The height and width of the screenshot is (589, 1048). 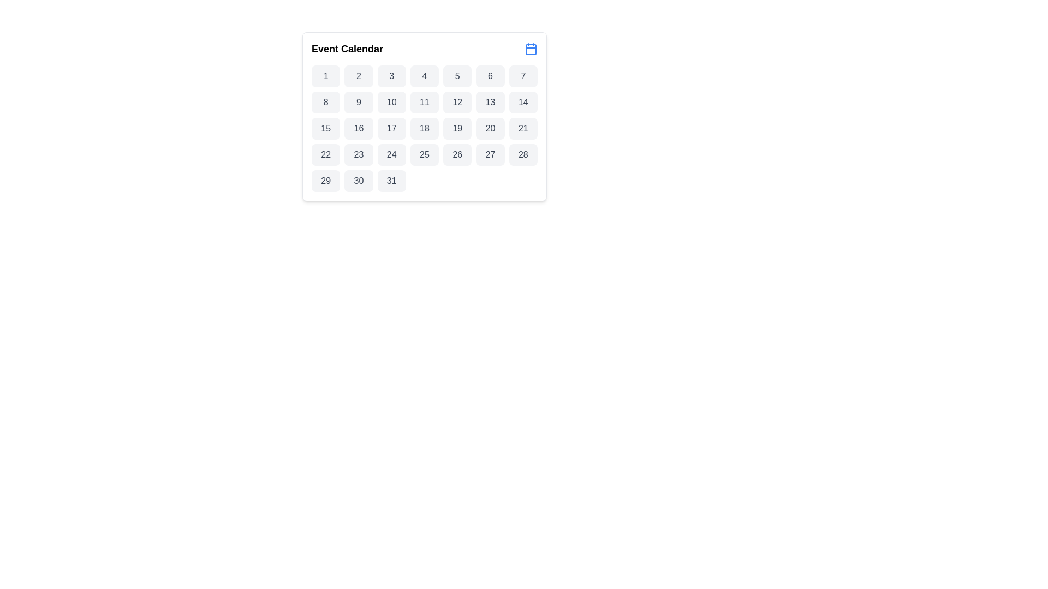 I want to click on the calendar date cell representing the 18th day of the month, which is part of the 'Event Calendar' grid, so click(x=424, y=128).